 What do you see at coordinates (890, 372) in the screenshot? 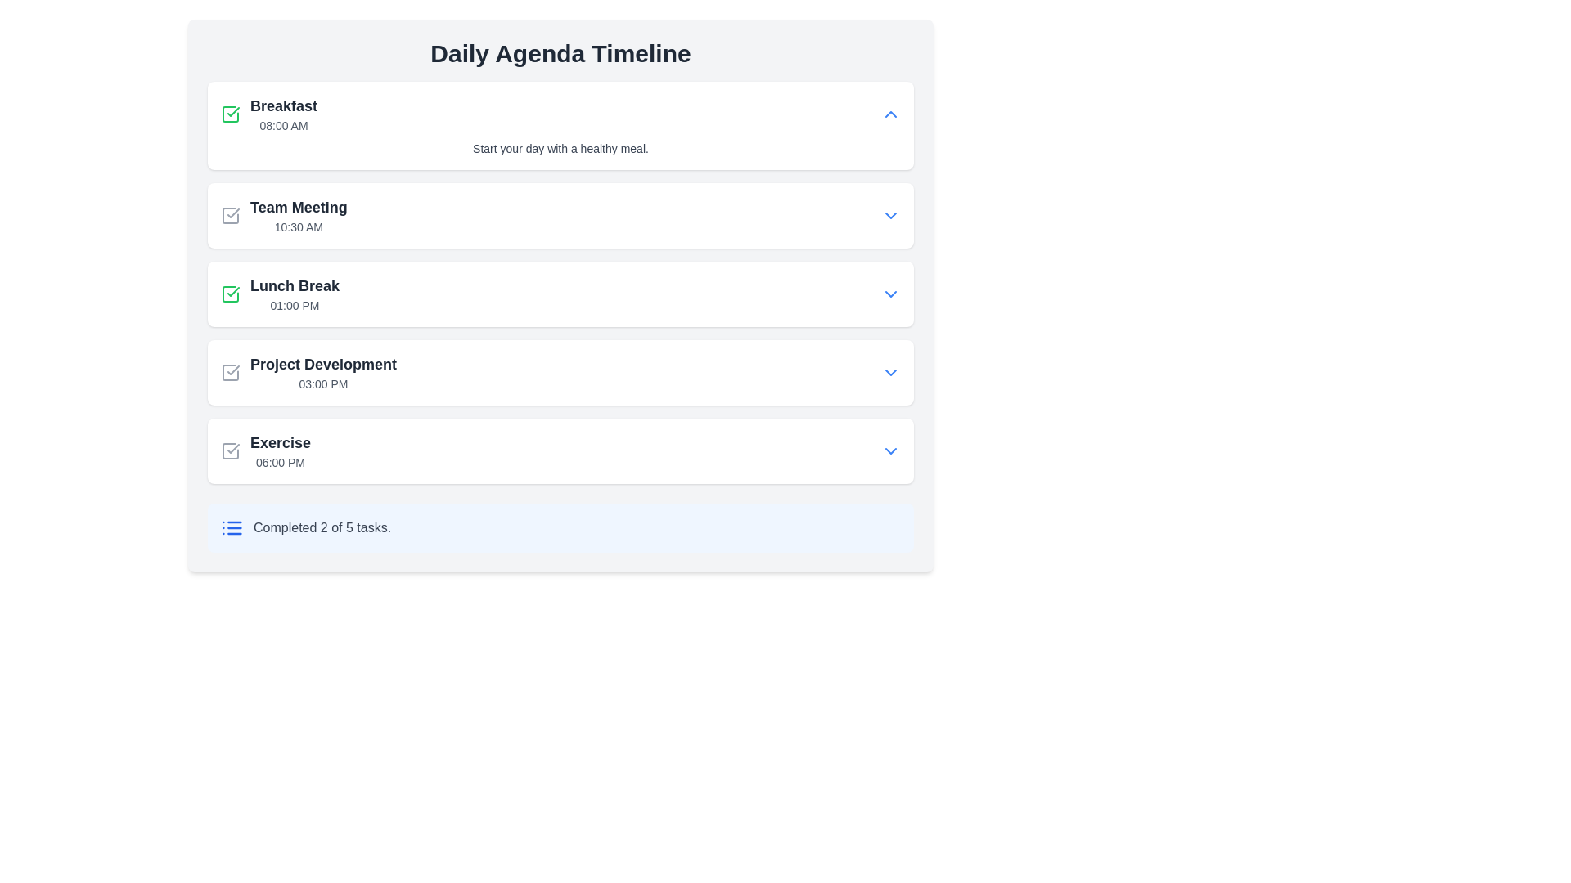
I see `the blue downward-pointing chevron icon at the far right of the 'Project Development' task row in the 'Daily Agenda Timeline' for visual feedback` at bounding box center [890, 372].